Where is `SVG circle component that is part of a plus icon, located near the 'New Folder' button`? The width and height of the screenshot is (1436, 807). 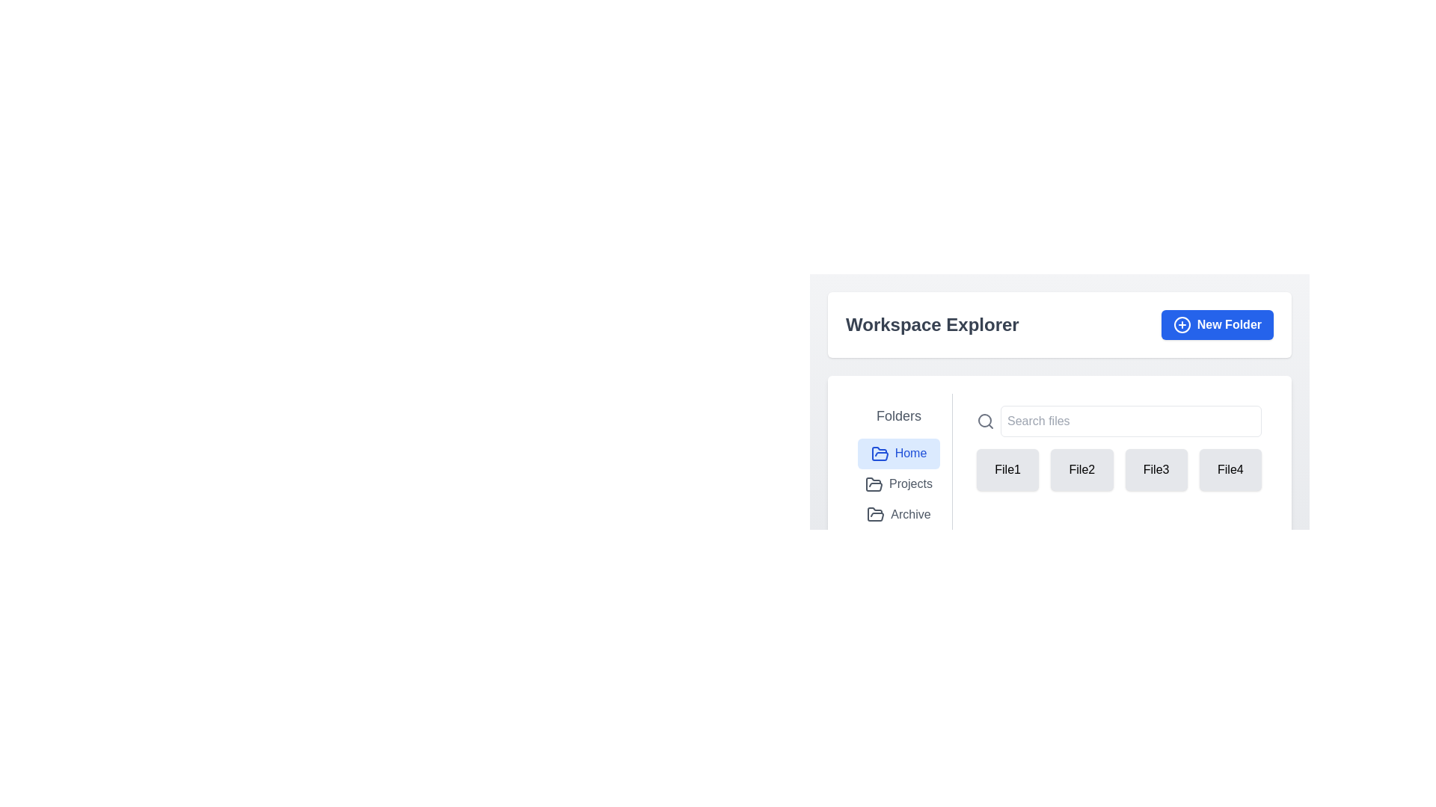 SVG circle component that is part of a plus icon, located near the 'New Folder' button is located at coordinates (1181, 324).